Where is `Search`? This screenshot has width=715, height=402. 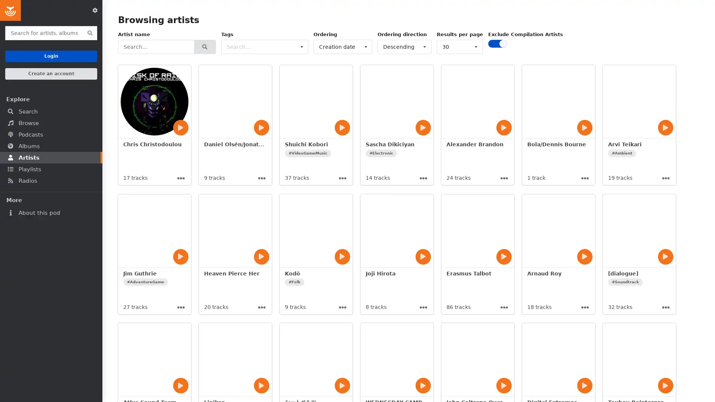 Search is located at coordinates (205, 47).